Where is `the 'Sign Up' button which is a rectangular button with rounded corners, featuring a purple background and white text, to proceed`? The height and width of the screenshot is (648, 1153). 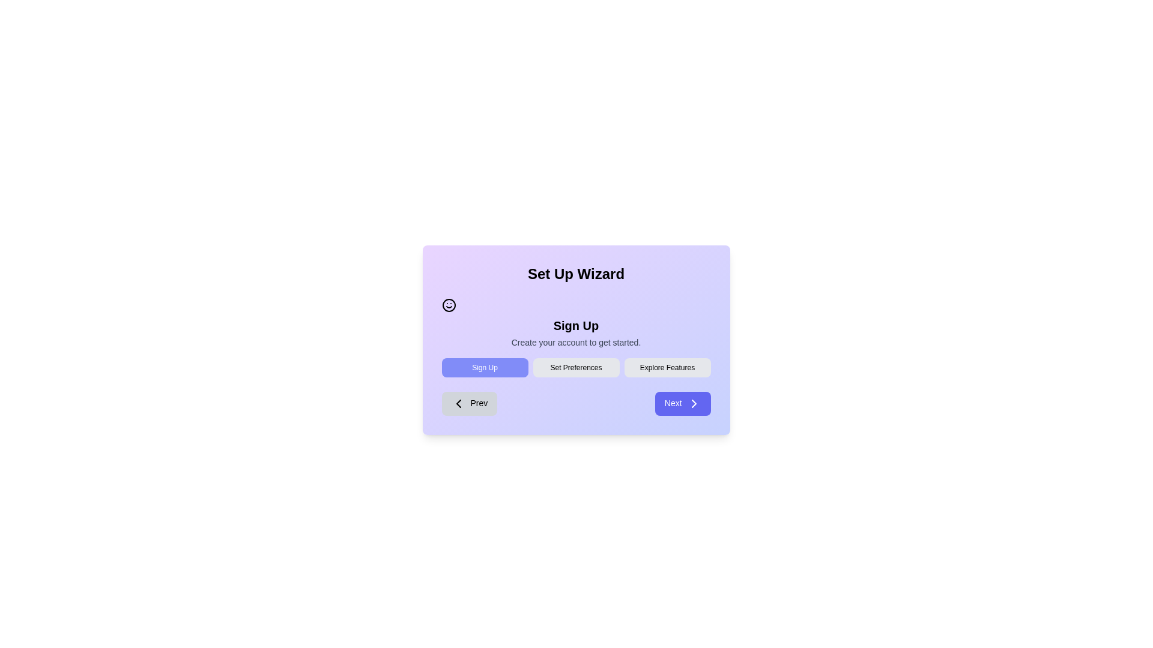 the 'Sign Up' button which is a rectangular button with rounded corners, featuring a purple background and white text, to proceed is located at coordinates (485, 367).